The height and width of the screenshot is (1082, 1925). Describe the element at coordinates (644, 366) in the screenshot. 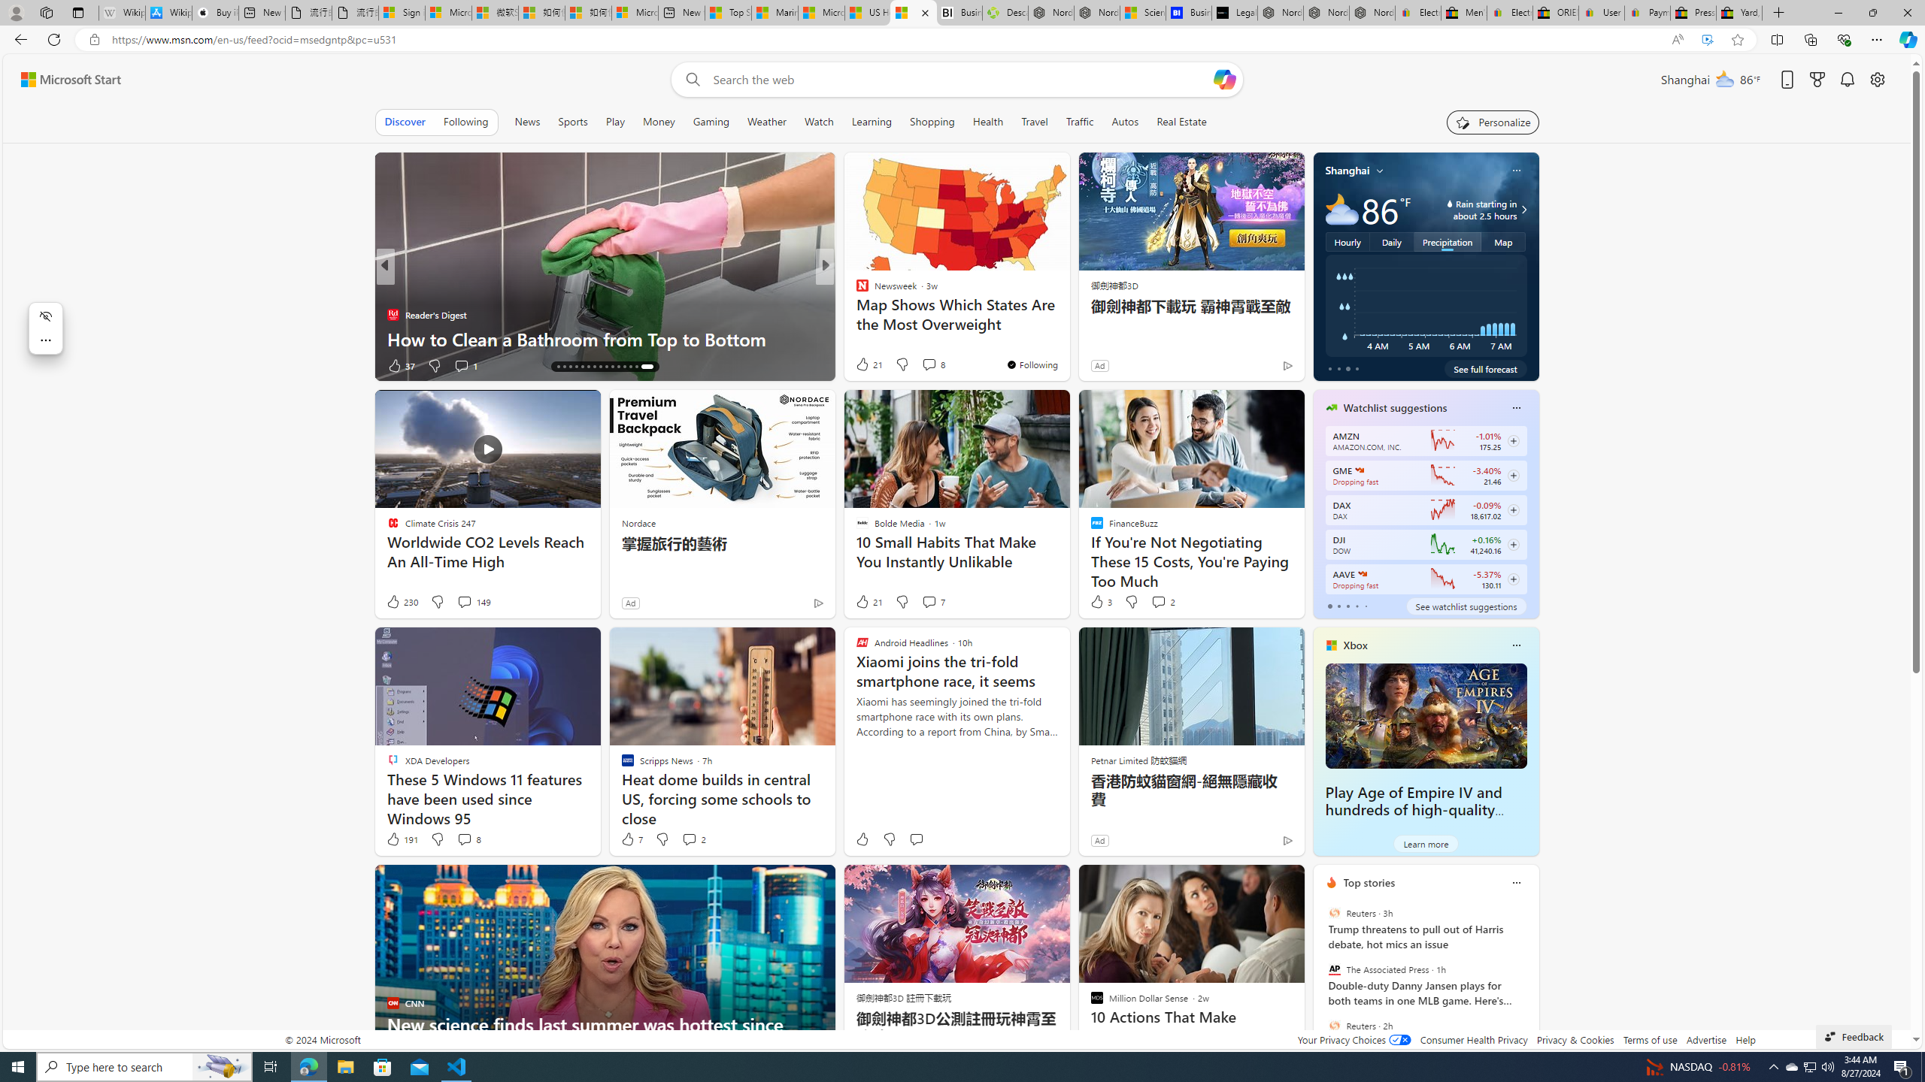

I see `'AutomationID: tab-29'` at that location.